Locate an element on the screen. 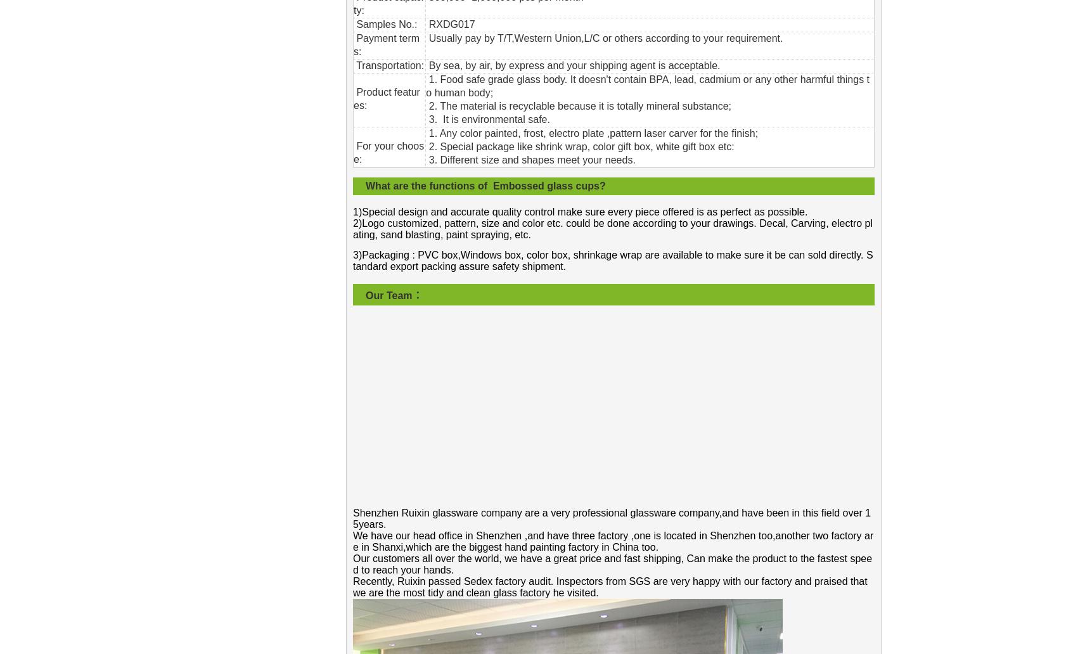  '2. Special package like shrink wrap, color gift box, white gift box etc:' is located at coordinates (579, 146).